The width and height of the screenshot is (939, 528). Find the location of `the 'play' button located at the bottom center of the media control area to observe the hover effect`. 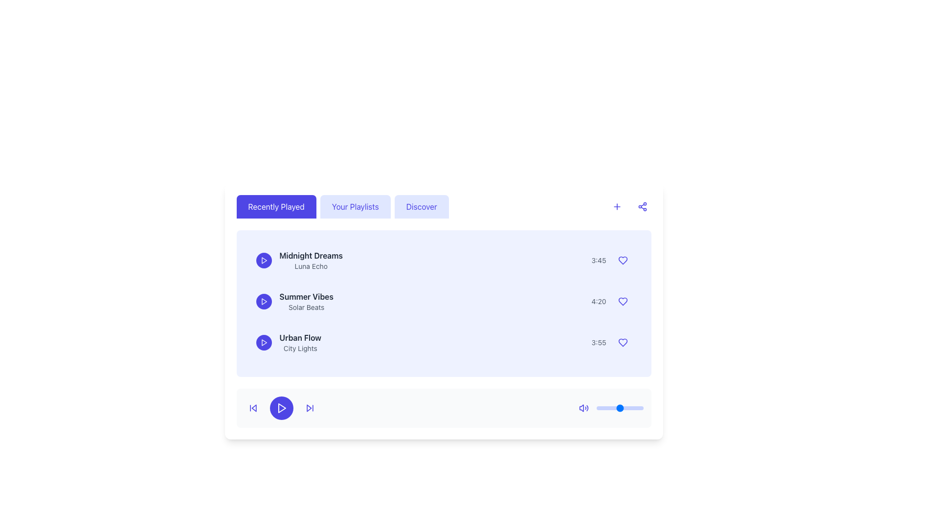

the 'play' button located at the bottom center of the media control area to observe the hover effect is located at coordinates (281, 408).